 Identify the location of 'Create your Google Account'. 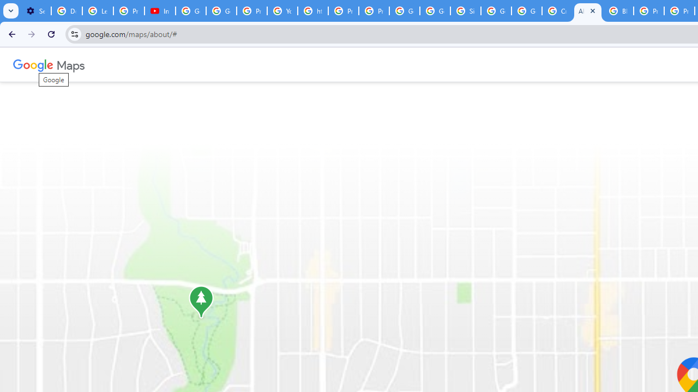
(557, 11).